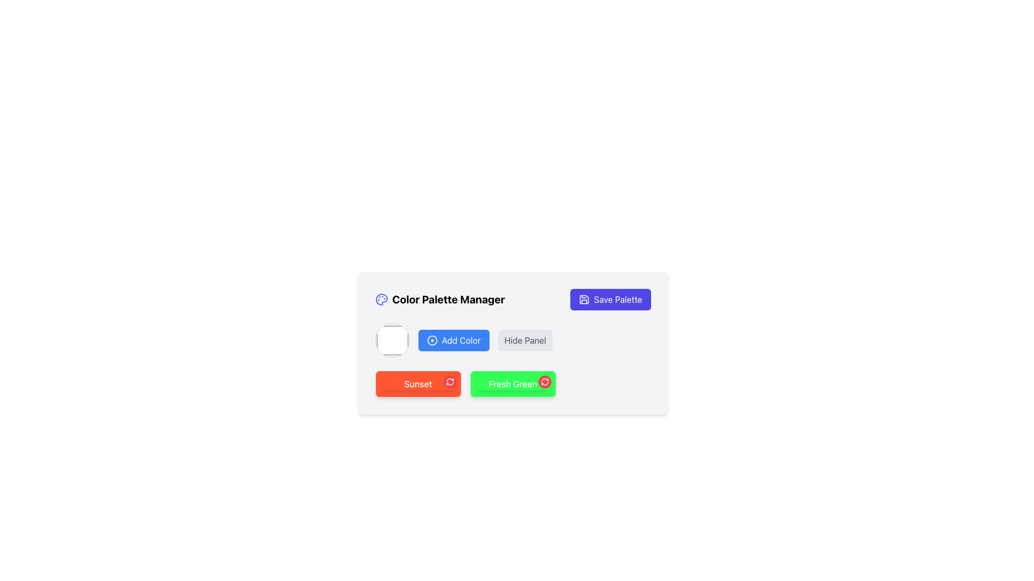 Image resolution: width=1034 pixels, height=581 pixels. Describe the element at coordinates (583, 299) in the screenshot. I see `the SVG icon representing the 'Save Palette' functionality located inside the 'Save Palette' button at the top-right corner of the interface` at that location.